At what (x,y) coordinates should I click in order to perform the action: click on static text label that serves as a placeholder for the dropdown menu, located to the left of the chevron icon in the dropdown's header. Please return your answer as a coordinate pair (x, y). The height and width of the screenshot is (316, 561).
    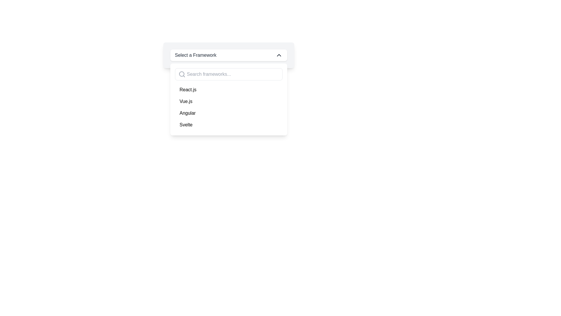
    Looking at the image, I should click on (195, 55).